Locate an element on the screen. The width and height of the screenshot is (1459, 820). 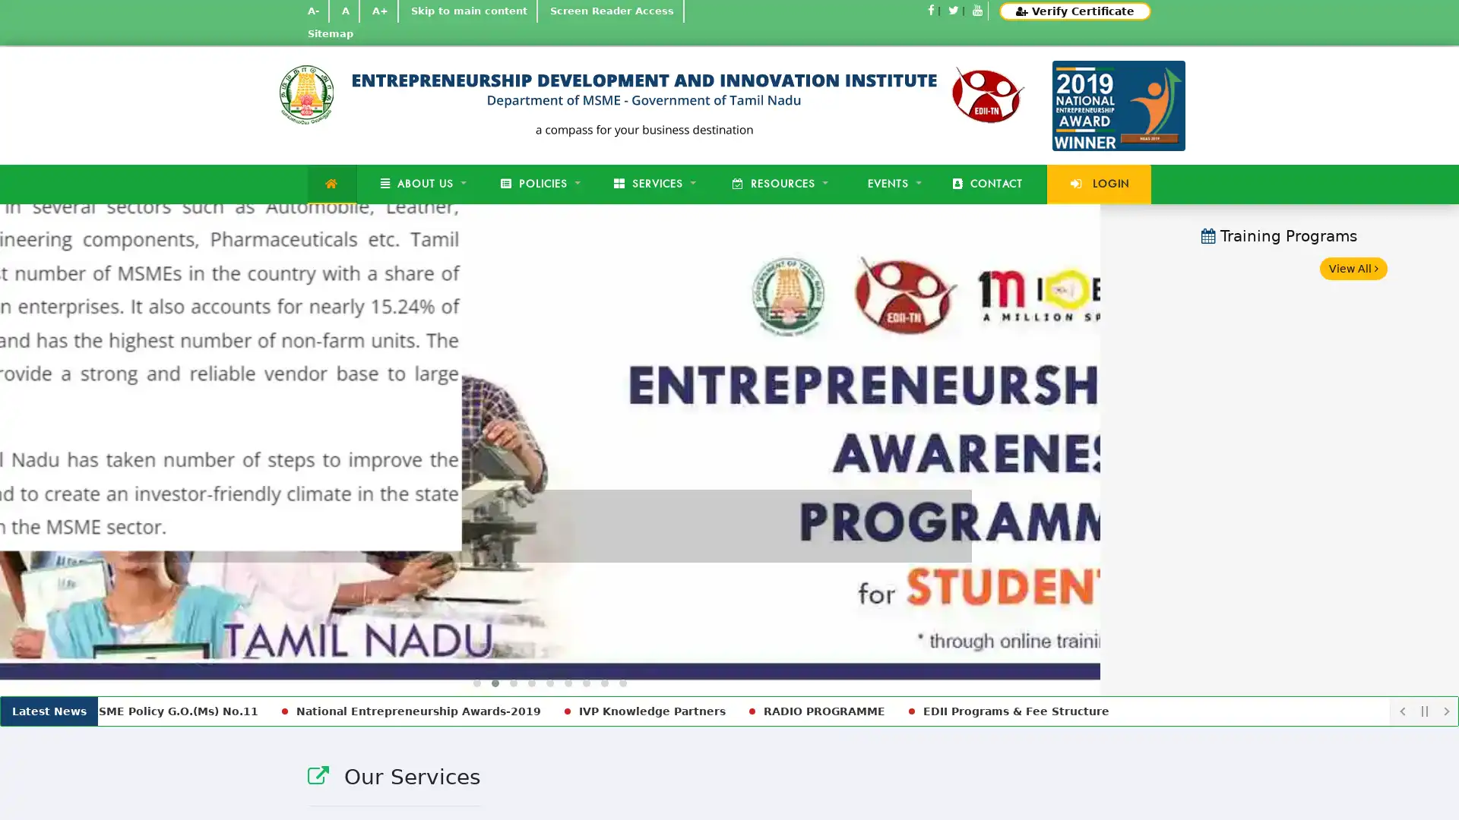
Next is located at coordinates (1068, 434).